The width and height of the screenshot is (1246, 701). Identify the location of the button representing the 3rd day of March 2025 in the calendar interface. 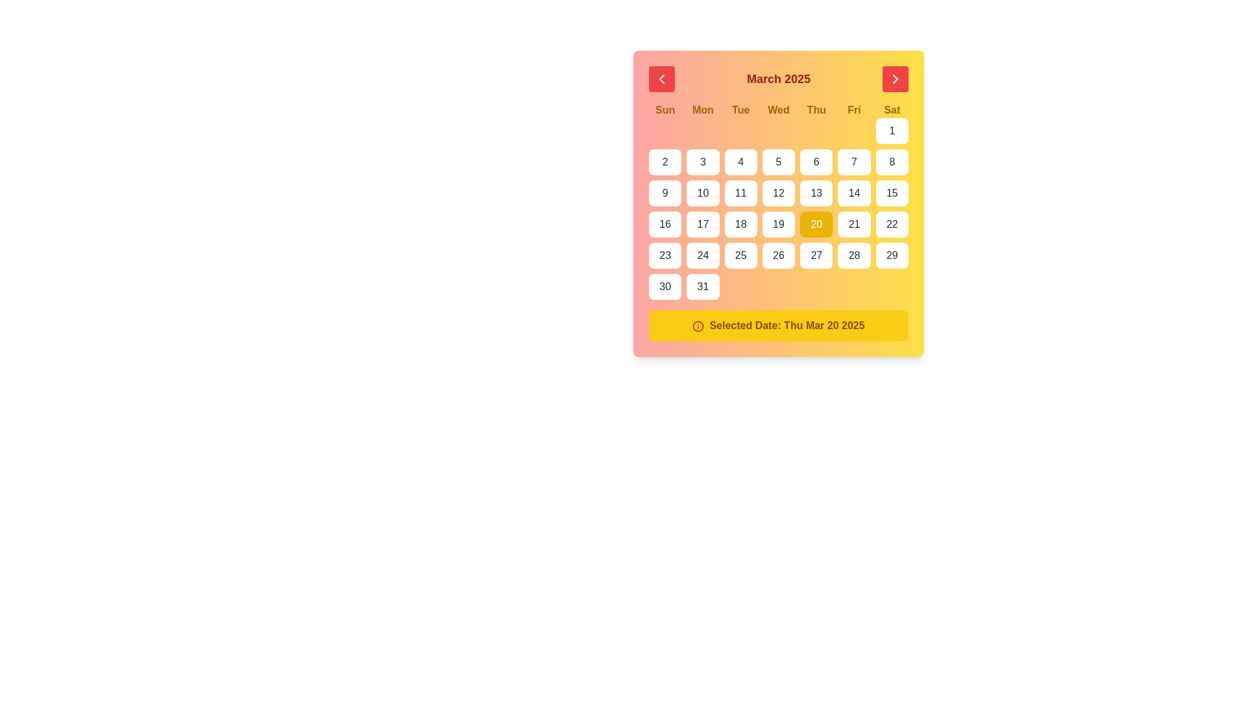
(702, 162).